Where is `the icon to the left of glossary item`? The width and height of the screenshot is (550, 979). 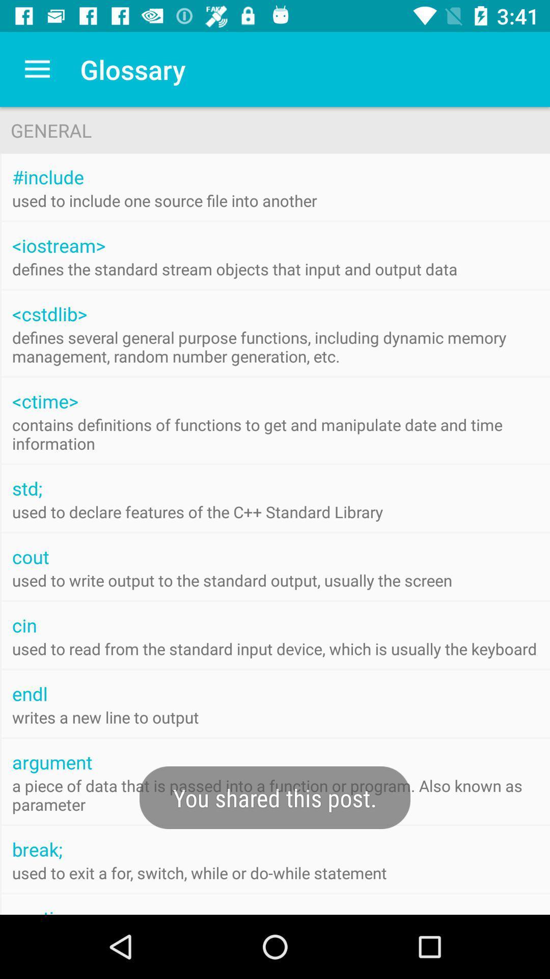 the icon to the left of glossary item is located at coordinates (37, 69).